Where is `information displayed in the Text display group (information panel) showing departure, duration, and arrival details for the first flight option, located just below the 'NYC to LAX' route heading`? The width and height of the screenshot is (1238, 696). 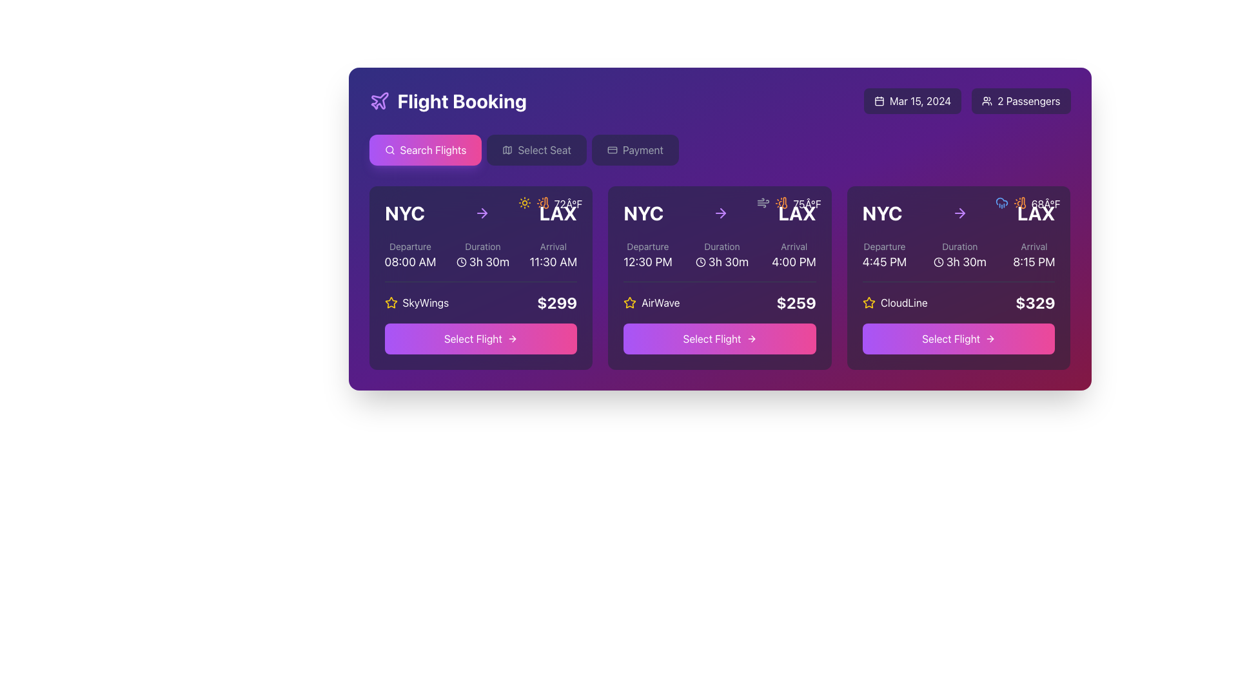 information displayed in the Text display group (information panel) showing departure, duration, and arrival details for the first flight option, located just below the 'NYC to LAX' route heading is located at coordinates (480, 256).